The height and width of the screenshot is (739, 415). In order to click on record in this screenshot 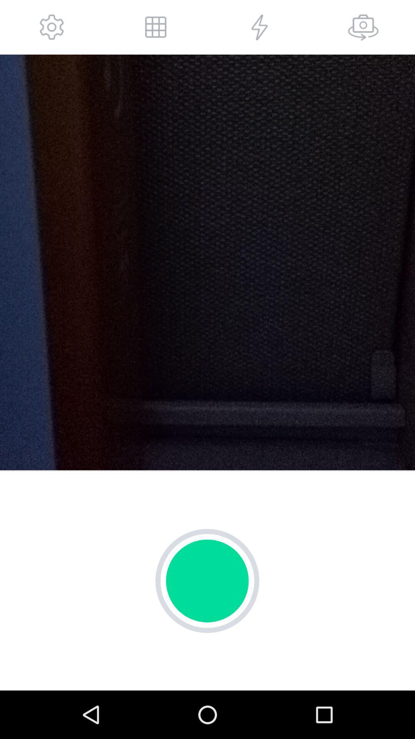, I will do `click(207, 581)`.